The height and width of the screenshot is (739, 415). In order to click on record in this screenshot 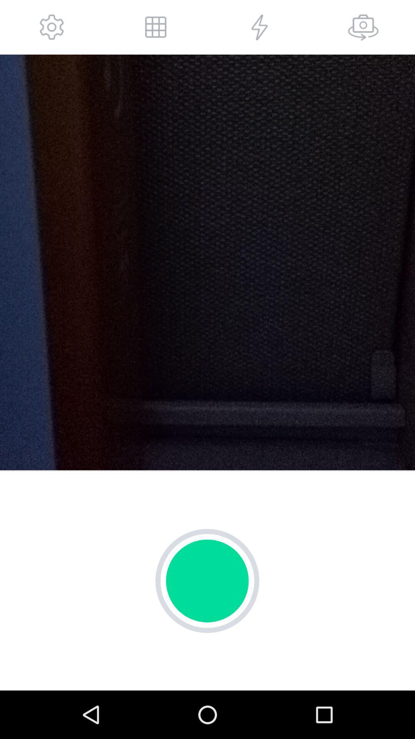, I will do `click(207, 581)`.